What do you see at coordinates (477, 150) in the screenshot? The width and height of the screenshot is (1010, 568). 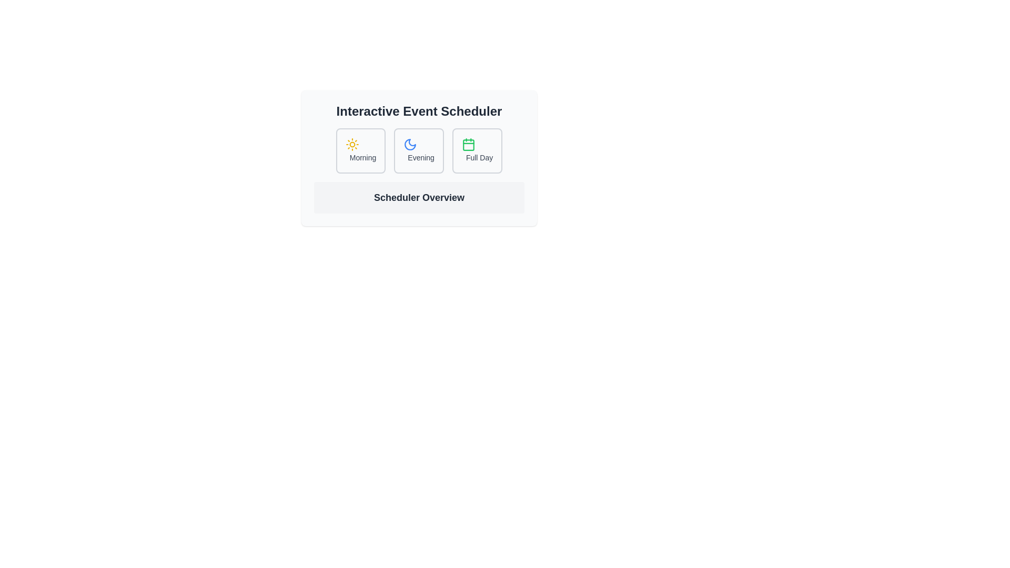 I see `the Full Day card option, which is a rectangular card with a white background, a green calendar icon at the top center, and the text 'Full Day' in gray beneath the icon` at bounding box center [477, 150].